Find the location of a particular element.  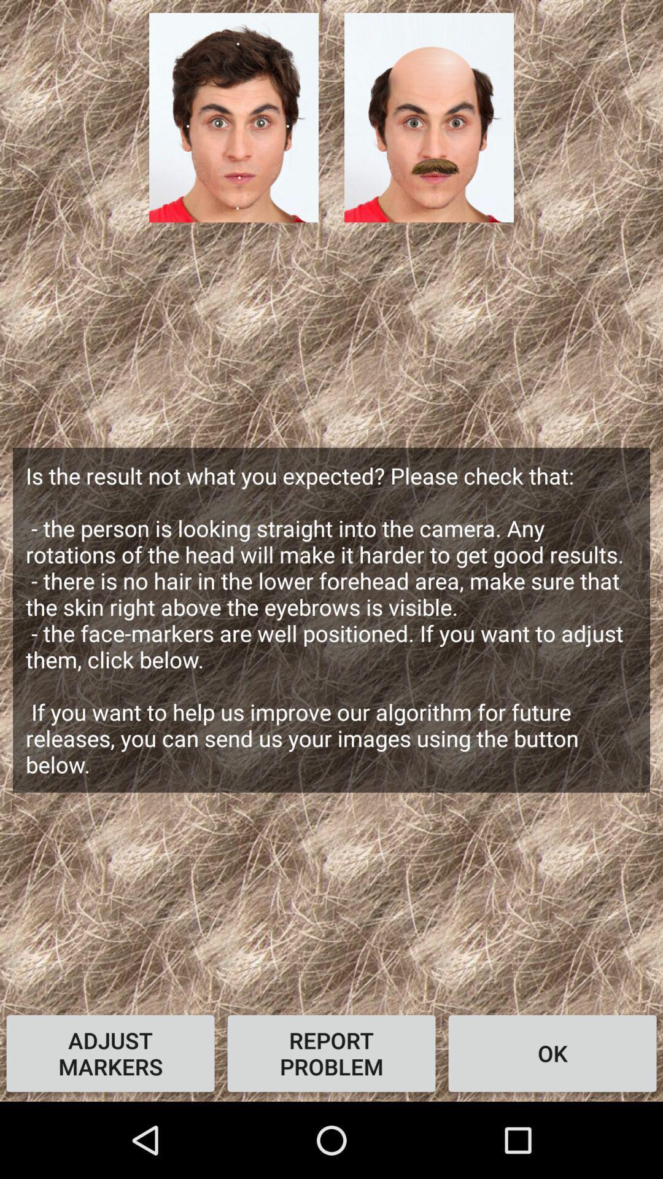

the adjust markers item is located at coordinates (110, 1053).